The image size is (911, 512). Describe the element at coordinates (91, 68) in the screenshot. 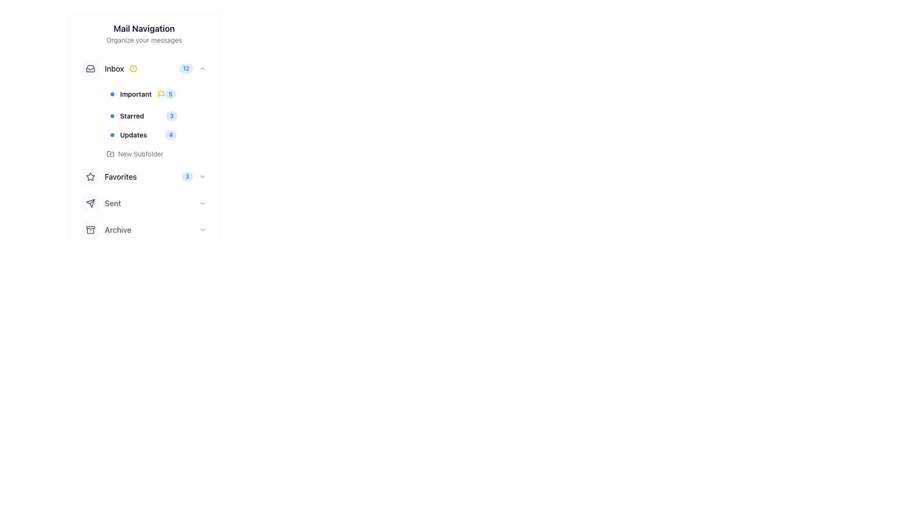

I see `the 'Inbox' icon located in the sidebar navigation menu` at that location.